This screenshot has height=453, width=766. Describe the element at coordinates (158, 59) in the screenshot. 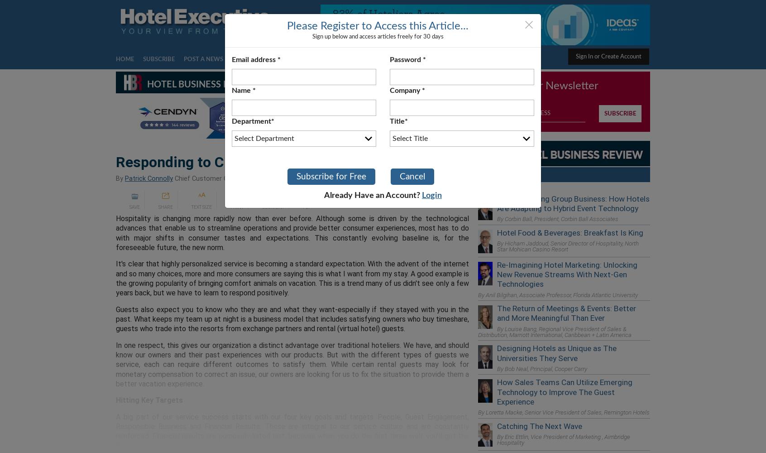

I see `'Subscribe'` at that location.